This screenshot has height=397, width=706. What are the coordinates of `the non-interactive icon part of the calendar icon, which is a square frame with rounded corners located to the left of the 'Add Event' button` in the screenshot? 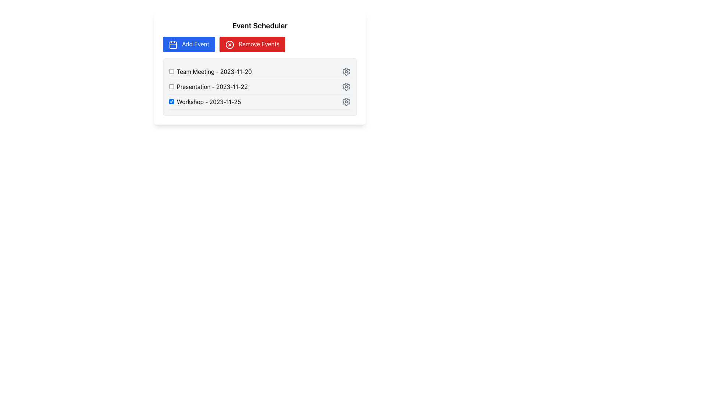 It's located at (172, 45).